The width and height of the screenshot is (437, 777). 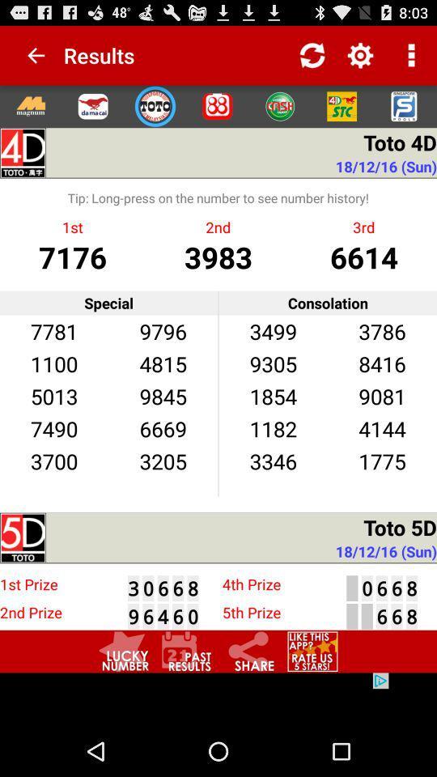 I want to click on results for cash sweep, so click(x=278, y=105).